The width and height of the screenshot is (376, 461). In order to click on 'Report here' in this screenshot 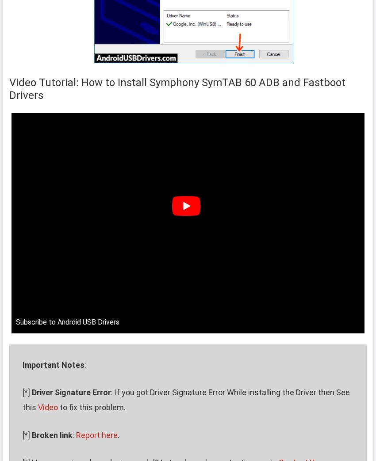, I will do `click(96, 435)`.